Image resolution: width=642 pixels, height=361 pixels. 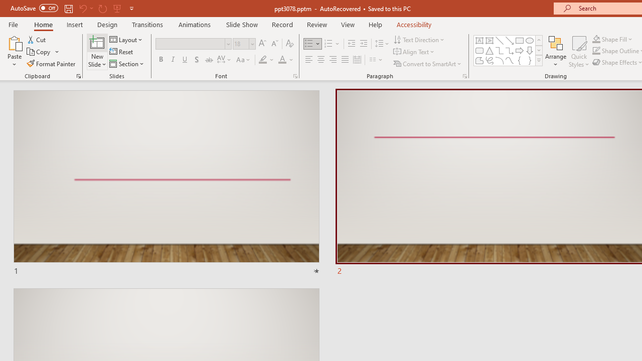 What do you see at coordinates (357, 60) in the screenshot?
I see `'Distributed'` at bounding box center [357, 60].